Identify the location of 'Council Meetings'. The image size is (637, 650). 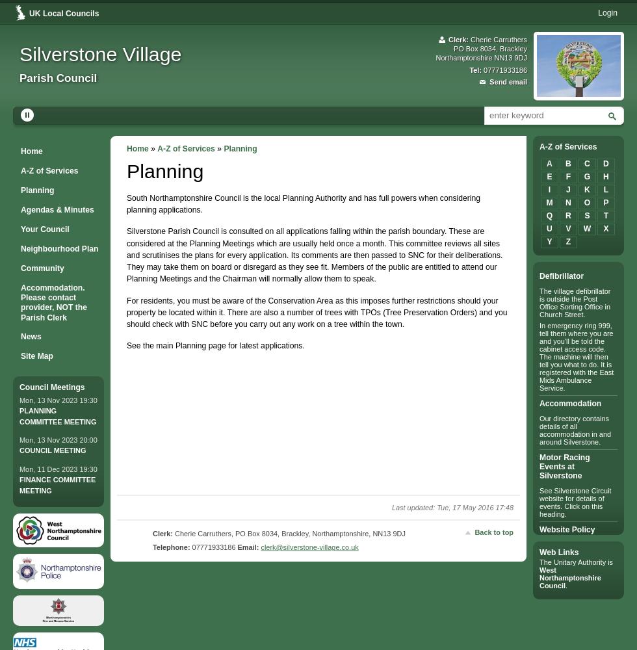
(19, 386).